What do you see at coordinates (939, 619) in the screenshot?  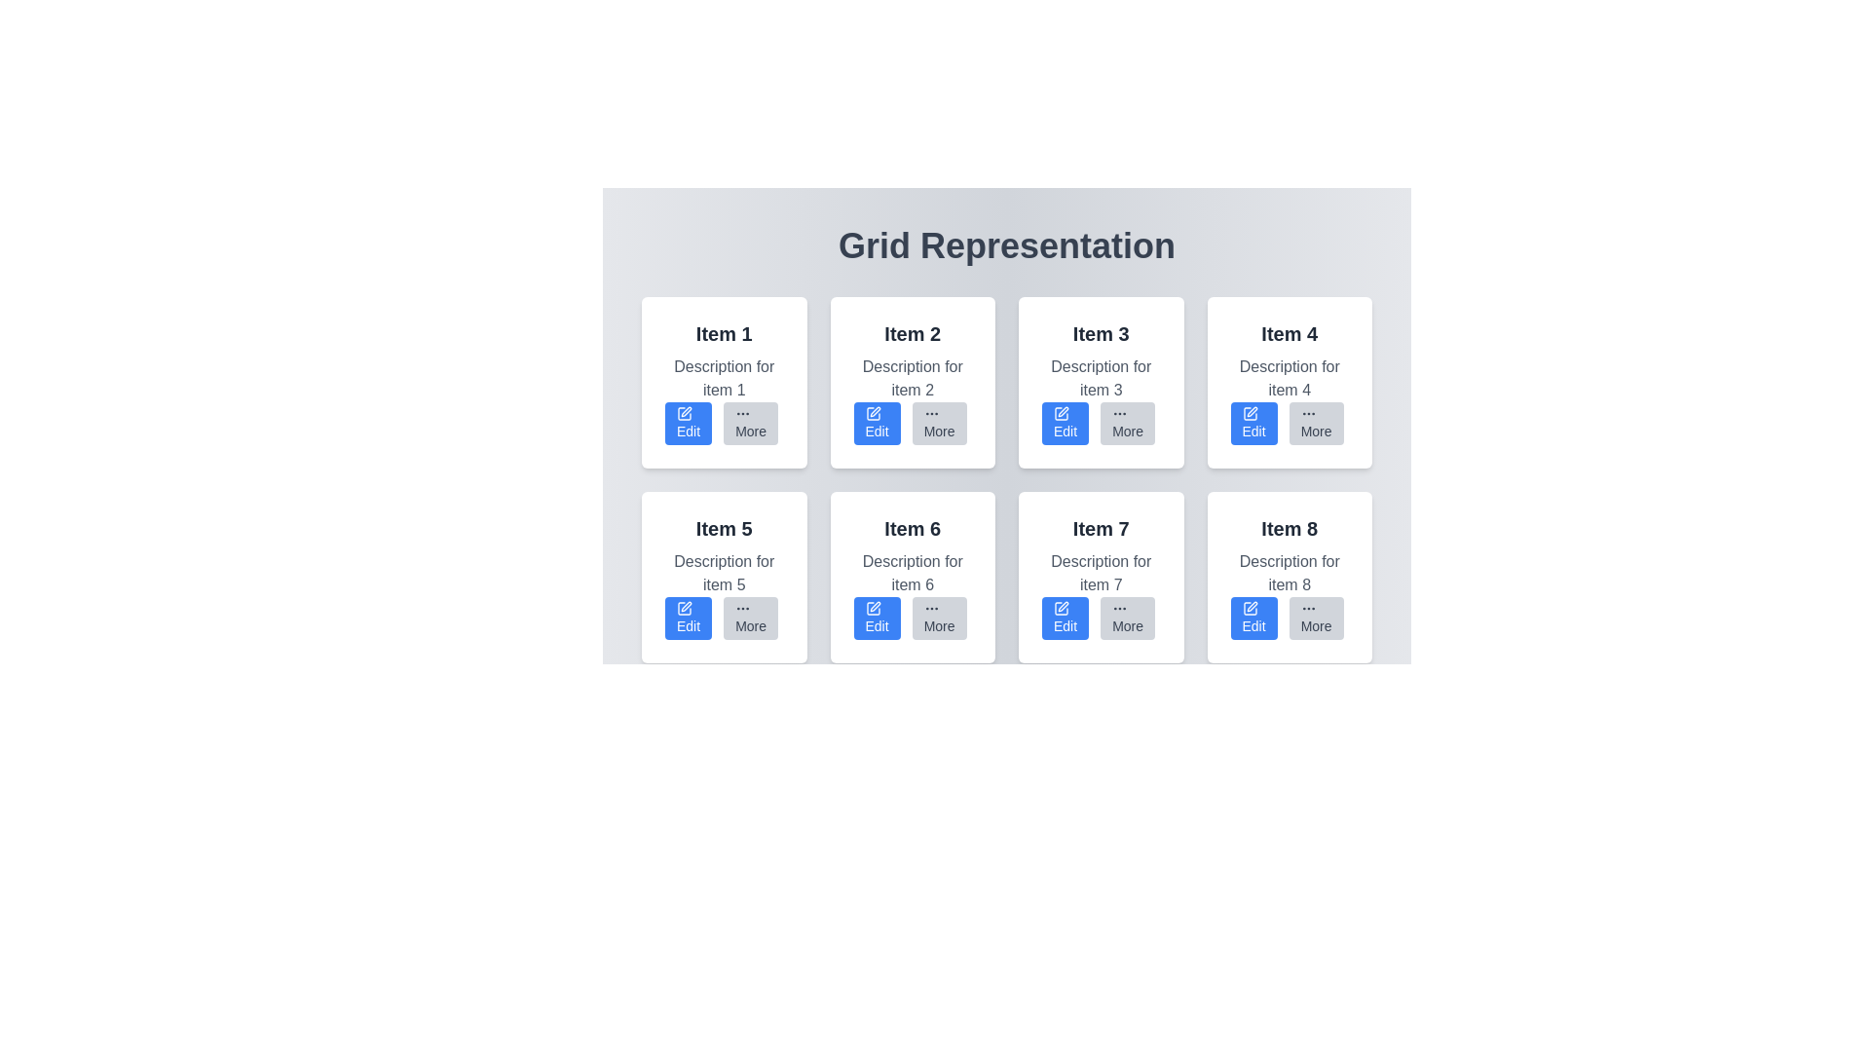 I see `the interactive button located within the box labeled 'Item 6' in the second row of a 4x2 grid layout` at bounding box center [939, 619].